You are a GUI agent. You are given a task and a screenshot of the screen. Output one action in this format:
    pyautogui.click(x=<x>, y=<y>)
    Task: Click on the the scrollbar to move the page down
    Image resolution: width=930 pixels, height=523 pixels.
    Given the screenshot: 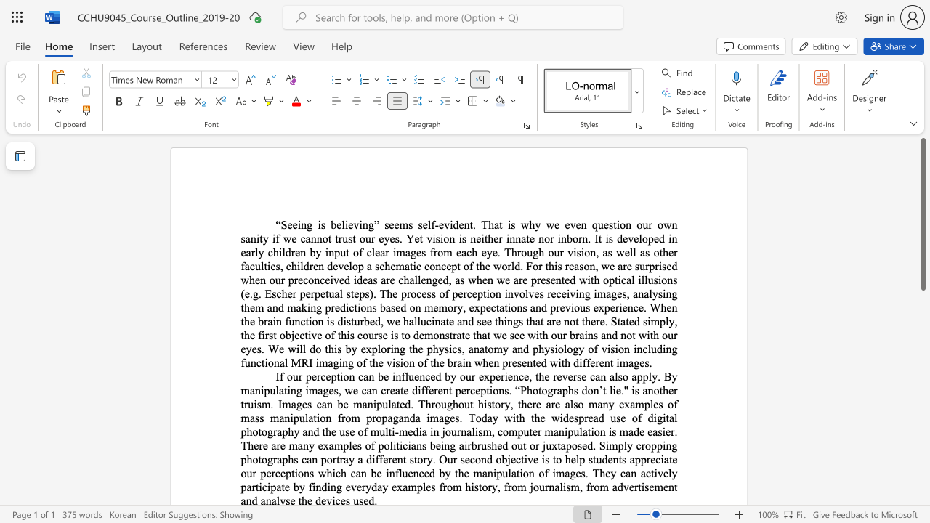 What is the action you would take?
    pyautogui.click(x=922, y=327)
    